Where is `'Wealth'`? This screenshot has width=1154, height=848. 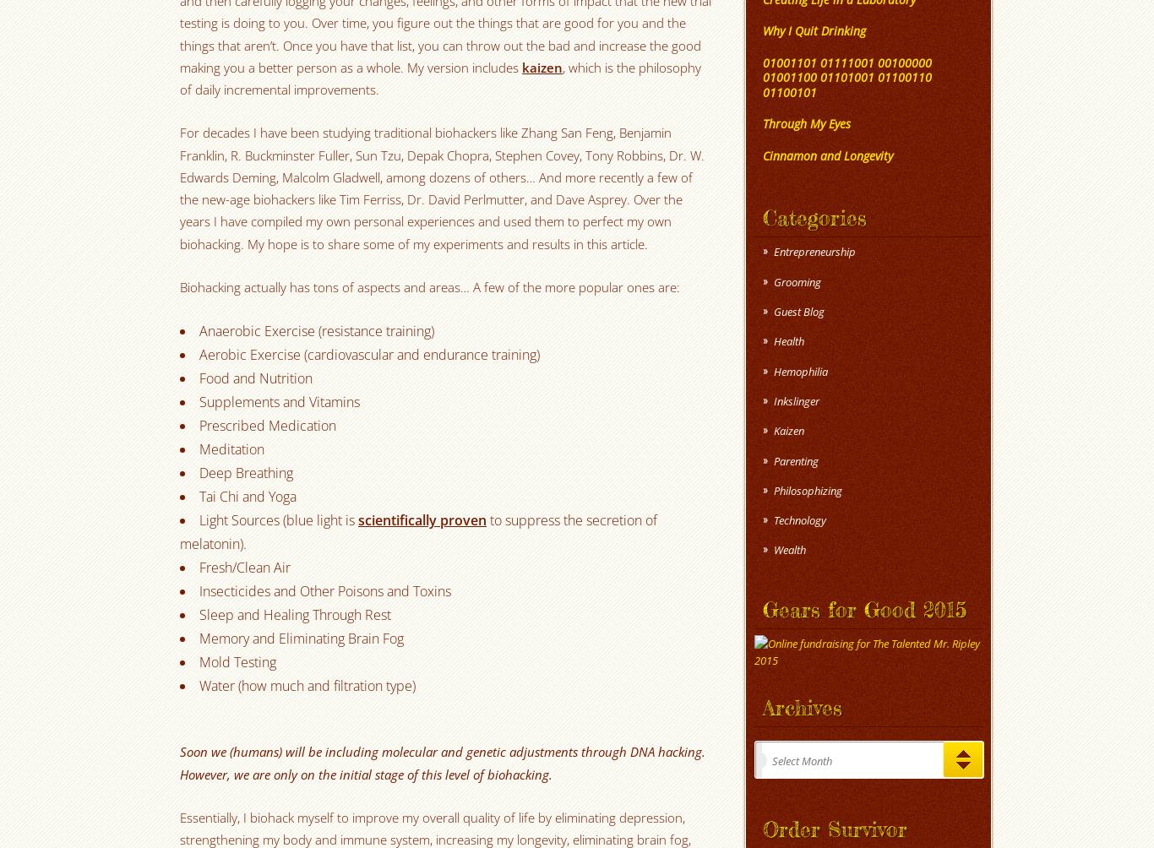
'Wealth' is located at coordinates (790, 548).